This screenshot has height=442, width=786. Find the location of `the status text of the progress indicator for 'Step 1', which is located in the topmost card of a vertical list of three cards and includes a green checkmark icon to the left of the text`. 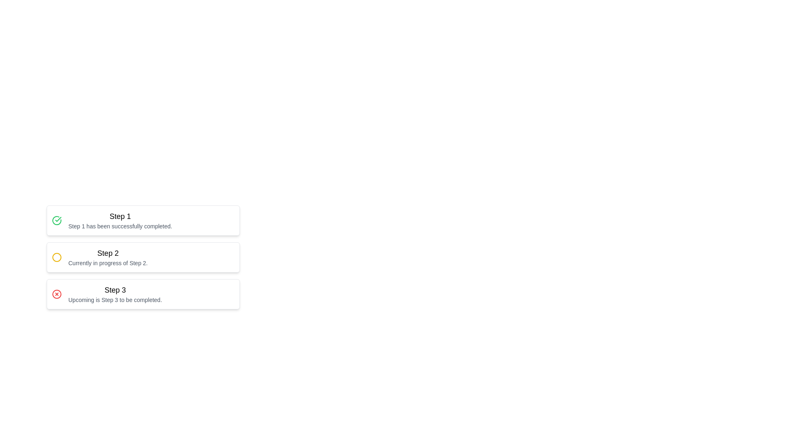

the status text of the progress indicator for 'Step 1', which is located in the topmost card of a vertical list of three cards and includes a green checkmark icon to the left of the text is located at coordinates (120, 220).